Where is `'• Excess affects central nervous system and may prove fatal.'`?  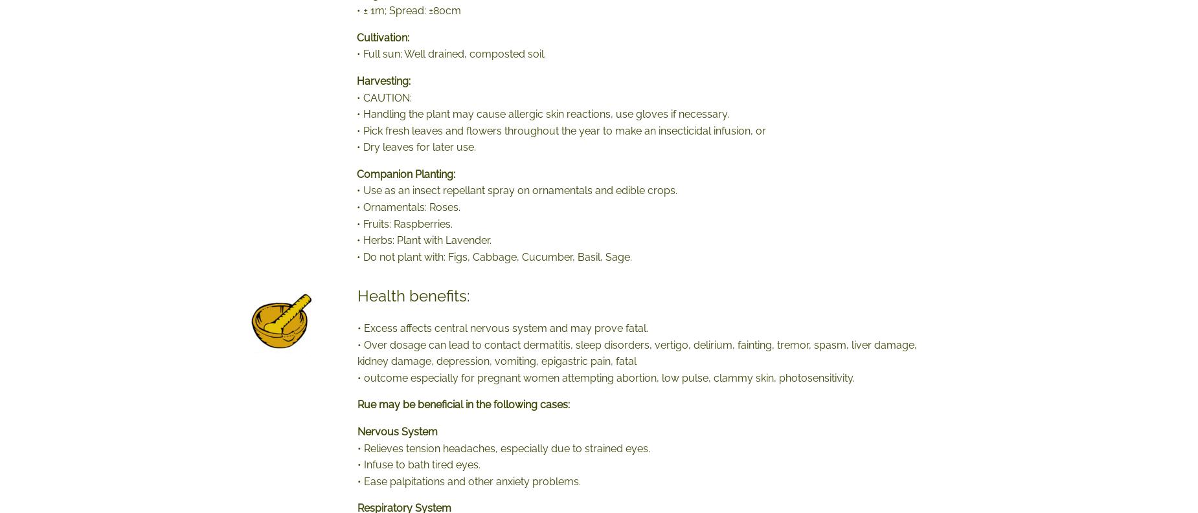
'• Excess affects central nervous system and may prove fatal.' is located at coordinates (357, 328).